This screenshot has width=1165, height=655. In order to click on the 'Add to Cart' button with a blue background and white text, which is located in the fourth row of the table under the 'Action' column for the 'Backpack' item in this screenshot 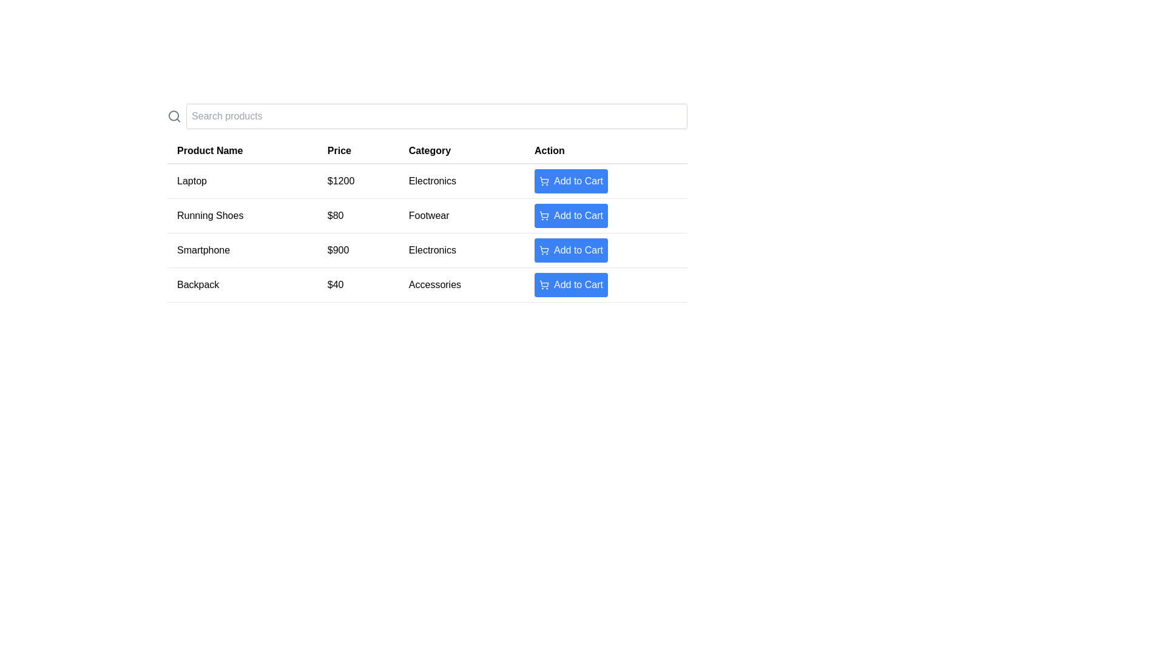, I will do `click(570, 285)`.